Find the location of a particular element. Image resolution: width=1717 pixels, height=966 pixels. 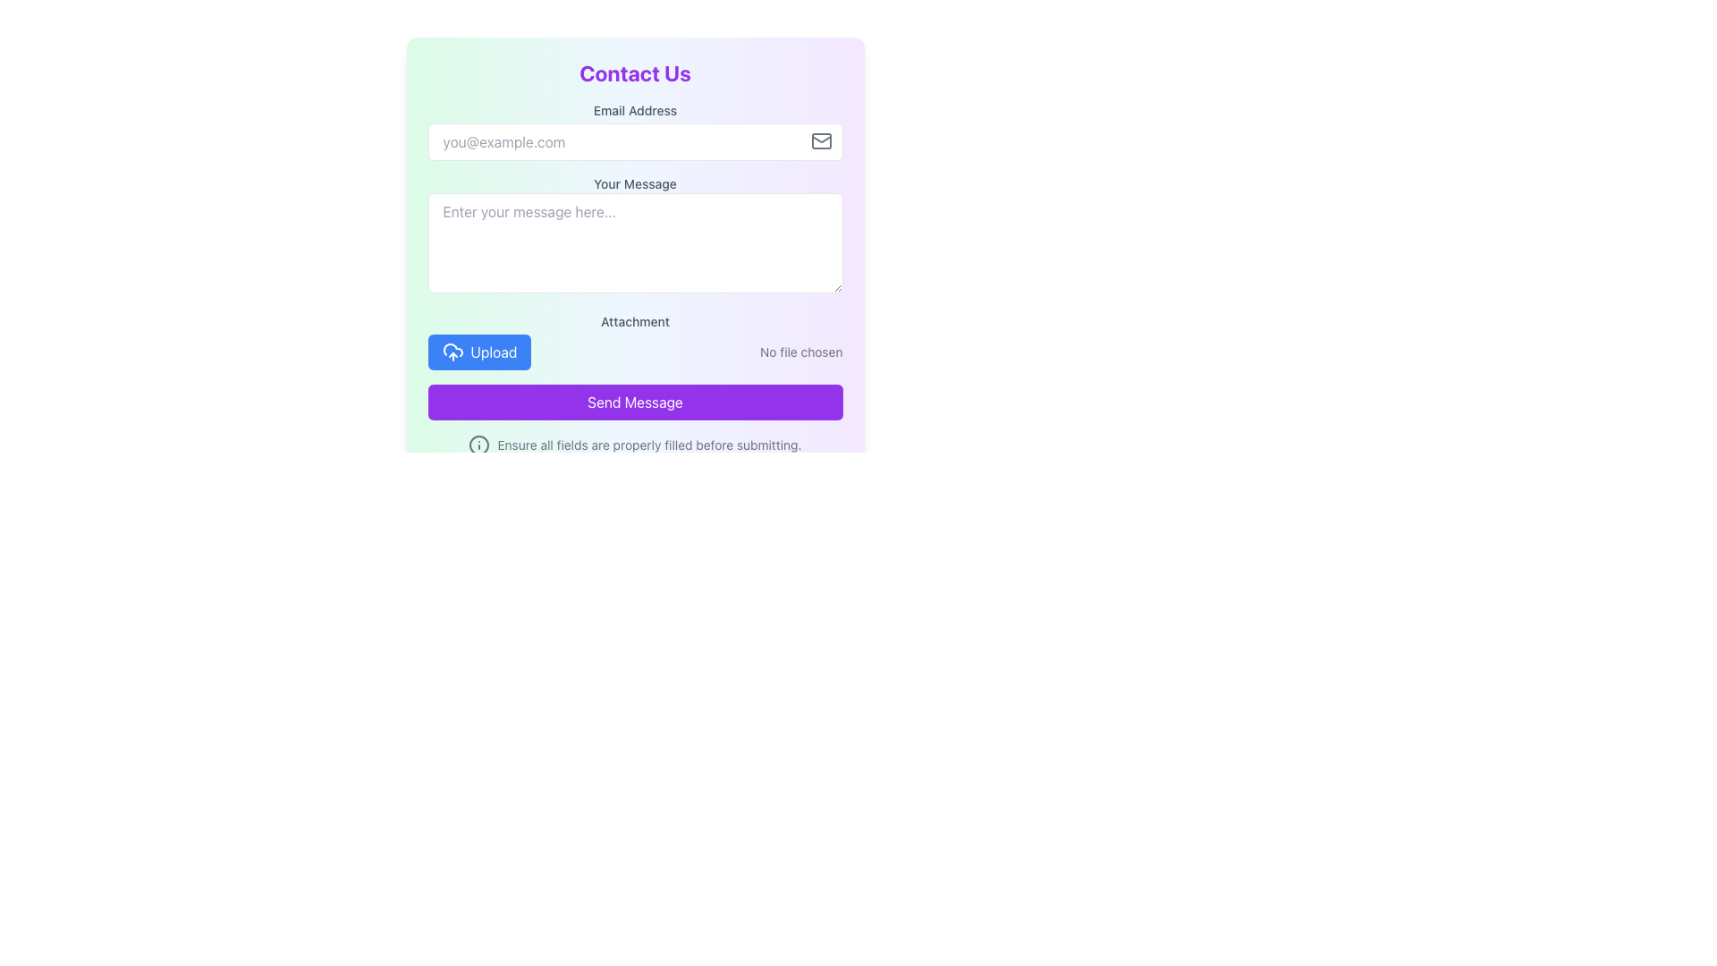

the text label 'Upload' which is styled in white font on a blue background, located within a button next to an upload cloud icon is located at coordinates (494, 352).